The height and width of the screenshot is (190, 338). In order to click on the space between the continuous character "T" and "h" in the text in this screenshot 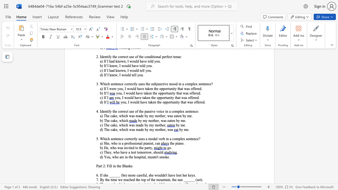, I will do `click(106, 152)`.